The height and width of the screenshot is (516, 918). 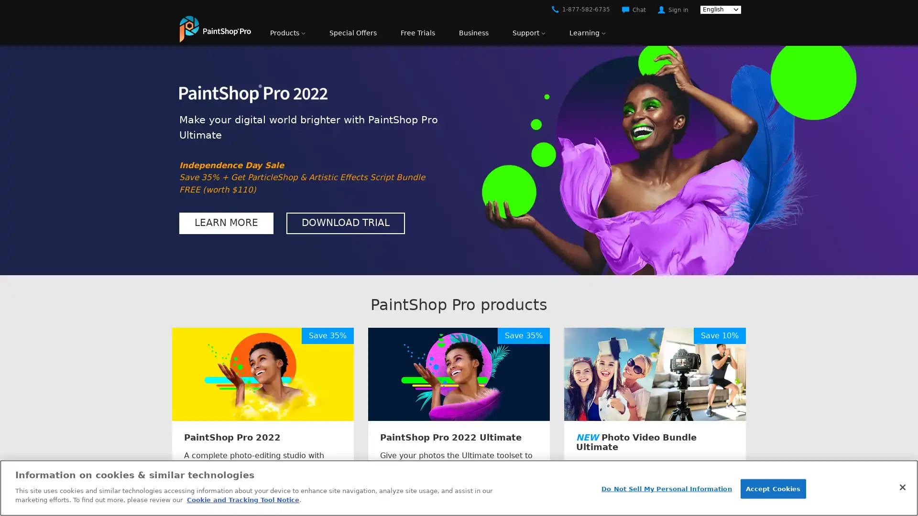 What do you see at coordinates (226, 223) in the screenshot?
I see `LEARN MORE` at bounding box center [226, 223].